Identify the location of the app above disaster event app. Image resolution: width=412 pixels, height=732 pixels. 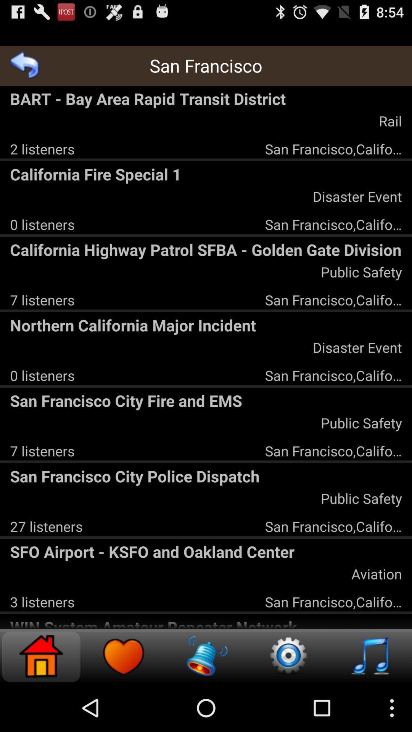
(206, 325).